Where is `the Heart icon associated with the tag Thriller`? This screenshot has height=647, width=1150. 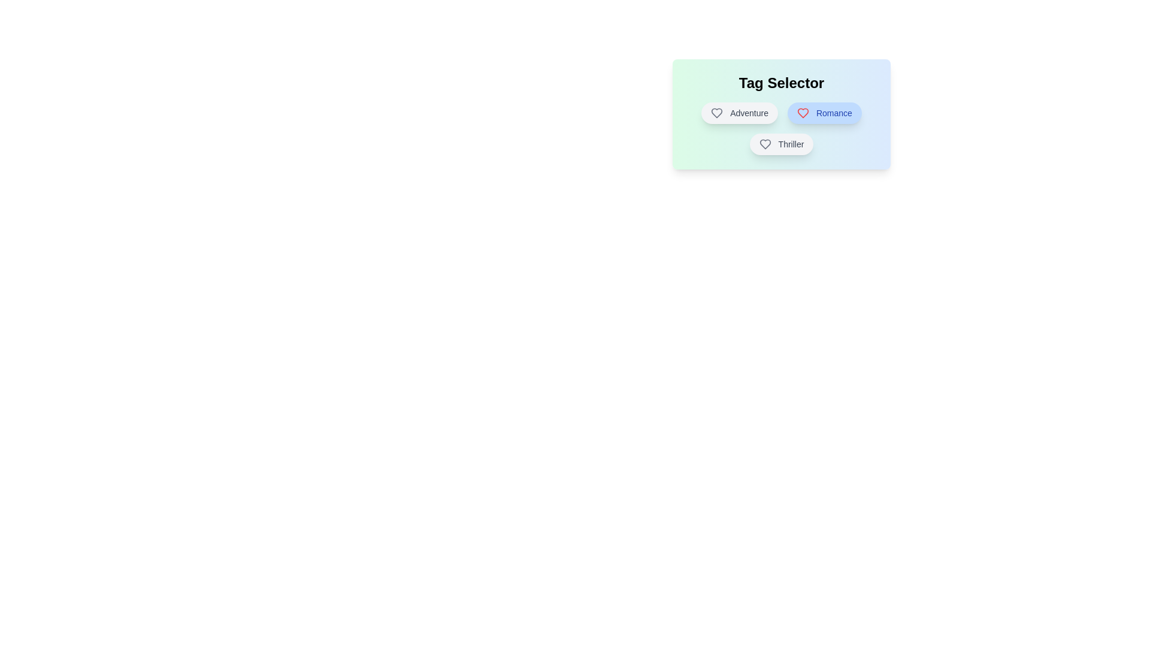
the Heart icon associated with the tag Thriller is located at coordinates (764, 143).